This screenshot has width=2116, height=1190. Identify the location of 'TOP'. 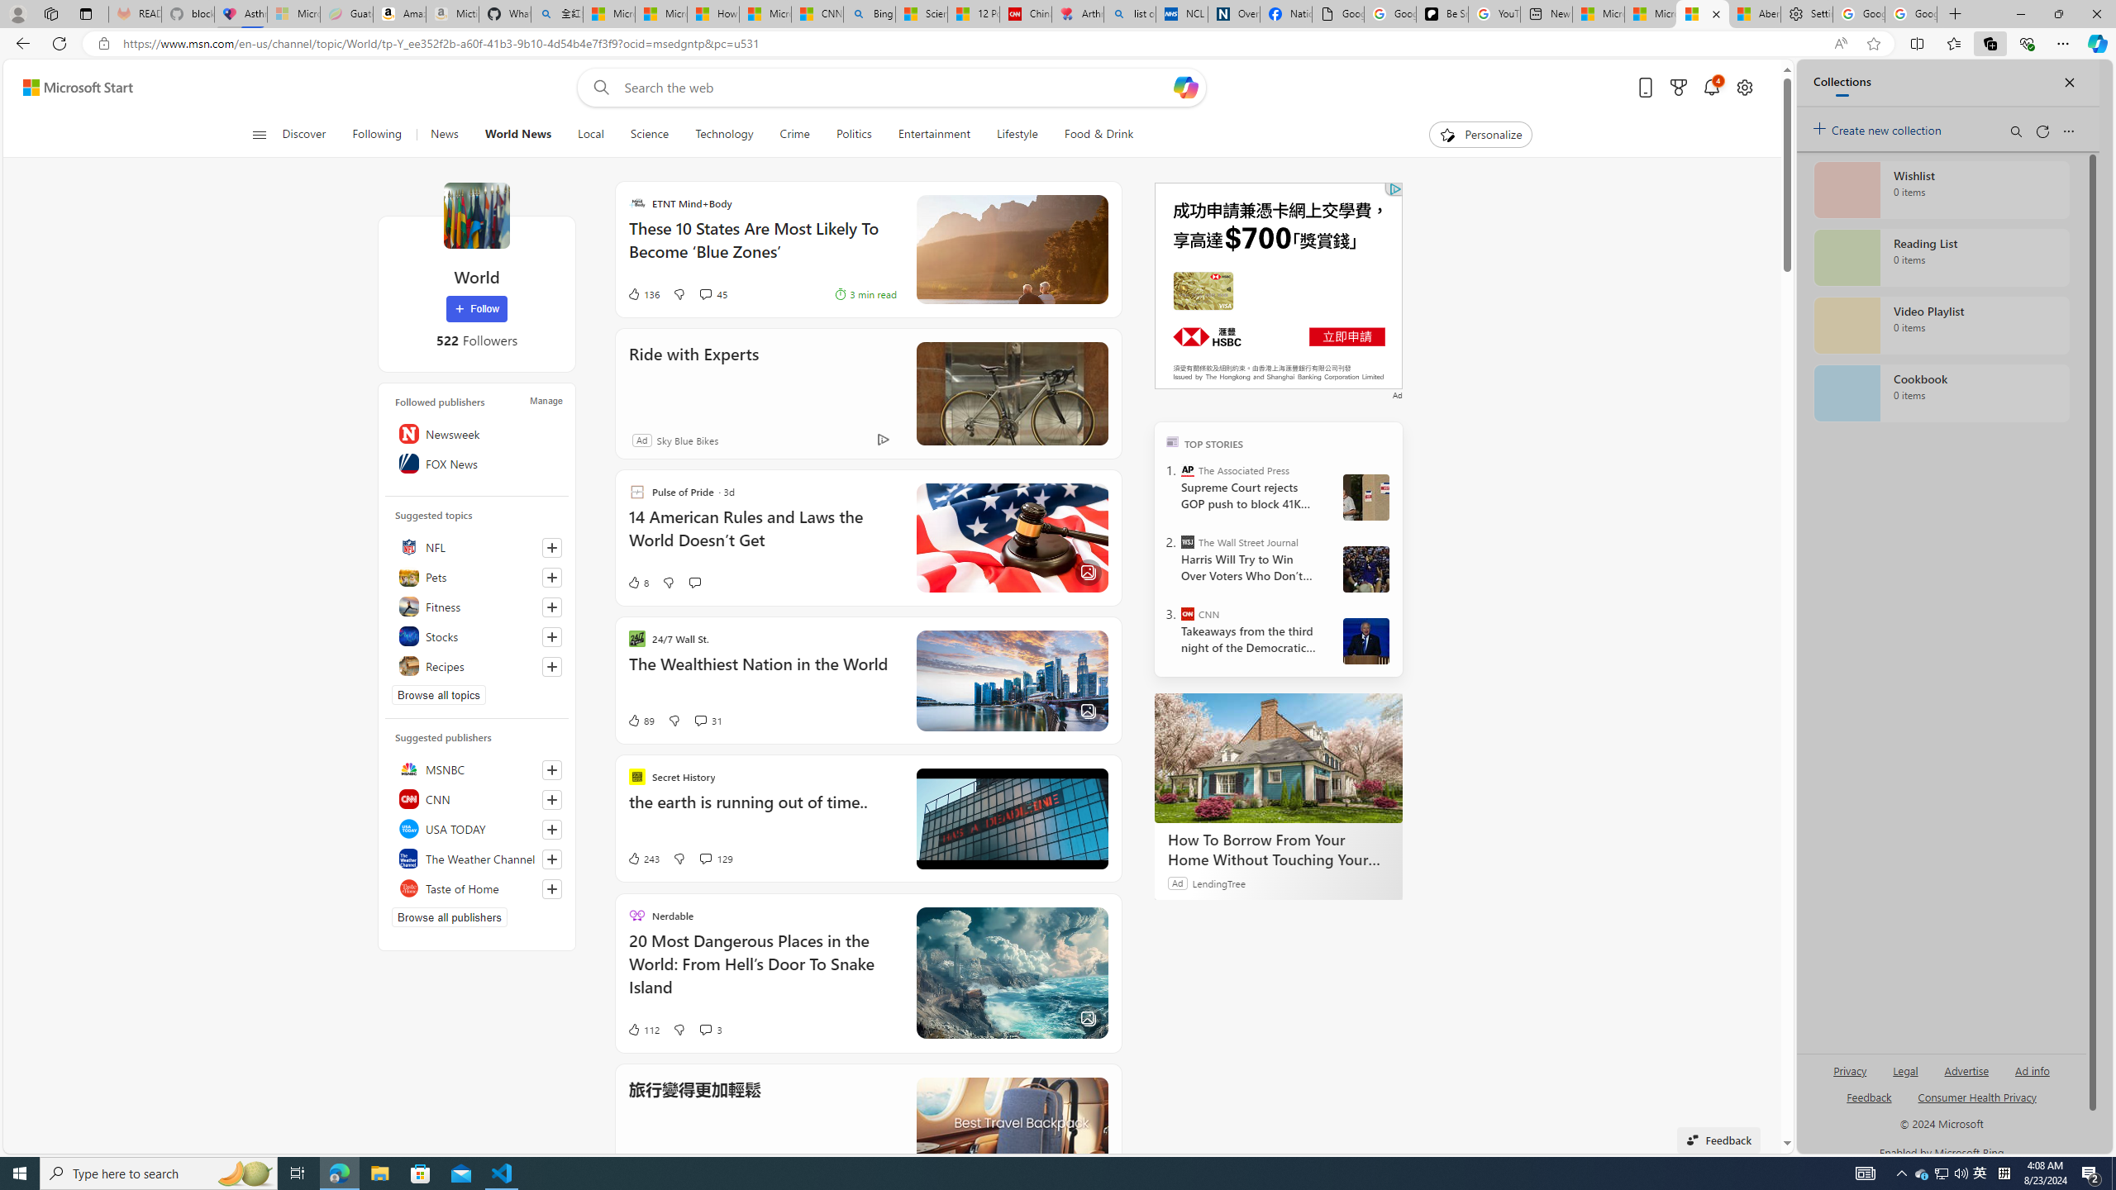
(1172, 440).